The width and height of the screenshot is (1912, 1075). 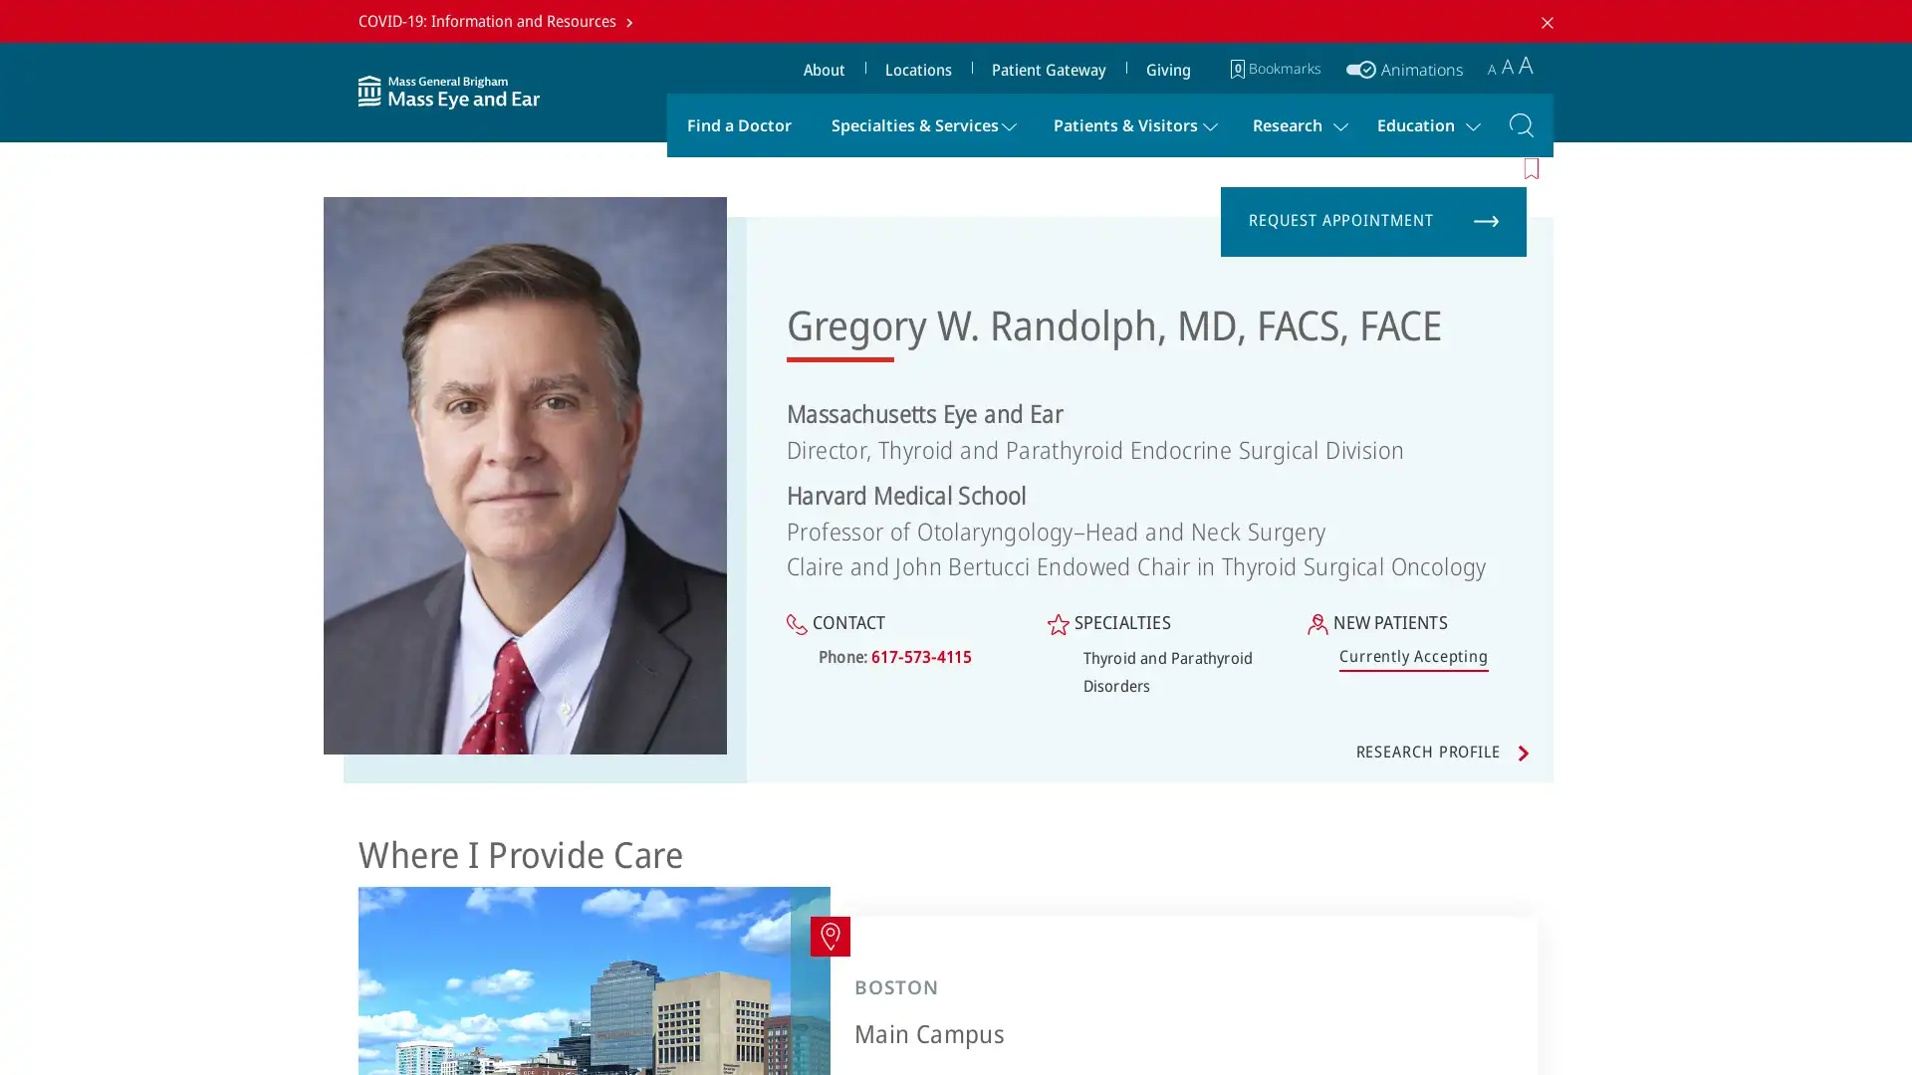 What do you see at coordinates (1533, 166) in the screenshot?
I see `Bookmark this page` at bounding box center [1533, 166].